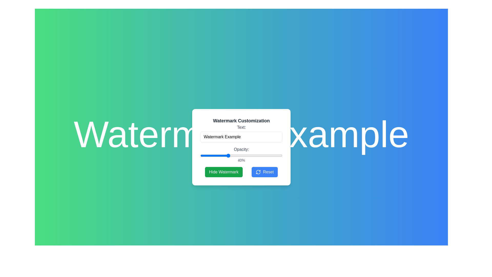 The width and height of the screenshot is (492, 277). I want to click on opacity, so click(214, 155).